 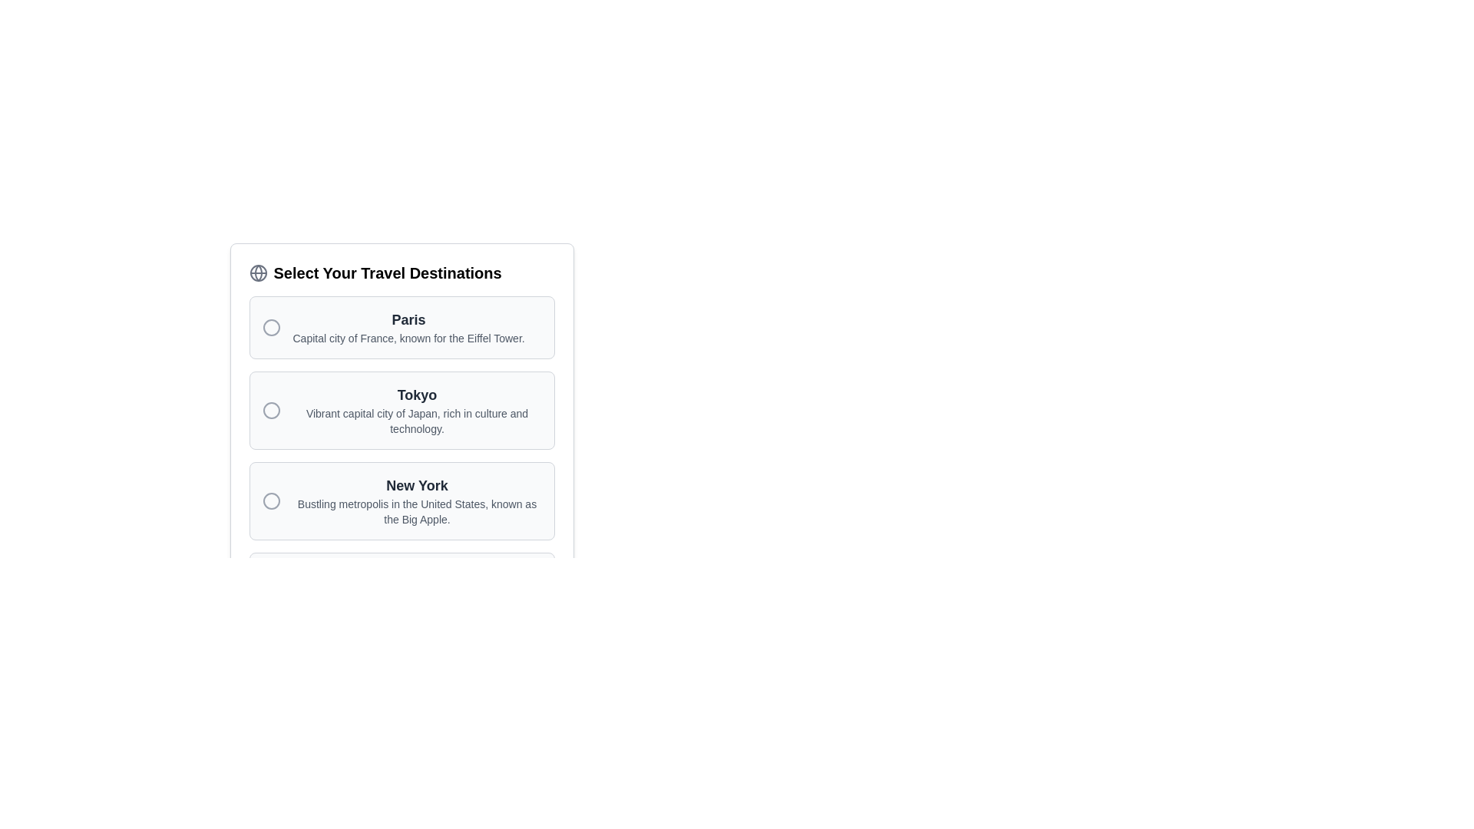 I want to click on the Graphic Circle (SVG) element located at the lower region of the interface, so click(x=271, y=591).